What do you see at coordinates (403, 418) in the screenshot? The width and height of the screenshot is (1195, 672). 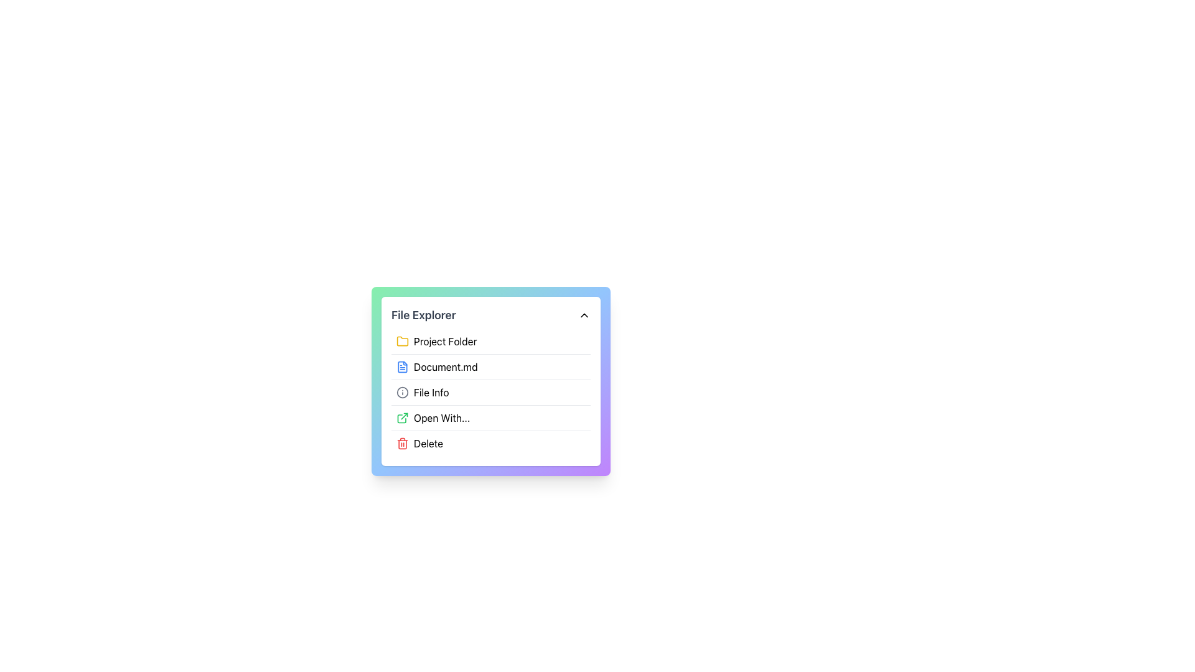 I see `the small green icon resembling an external link symbol, which is located to the left of the text 'Open With...' in the menu` at bounding box center [403, 418].